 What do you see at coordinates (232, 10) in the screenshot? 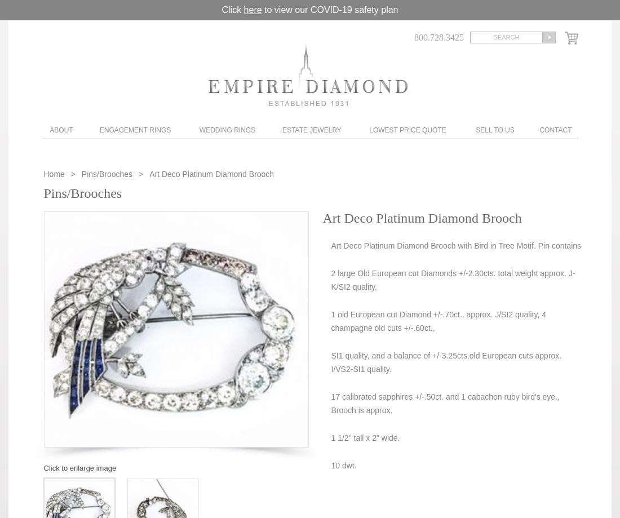
I see `'Click'` at bounding box center [232, 10].